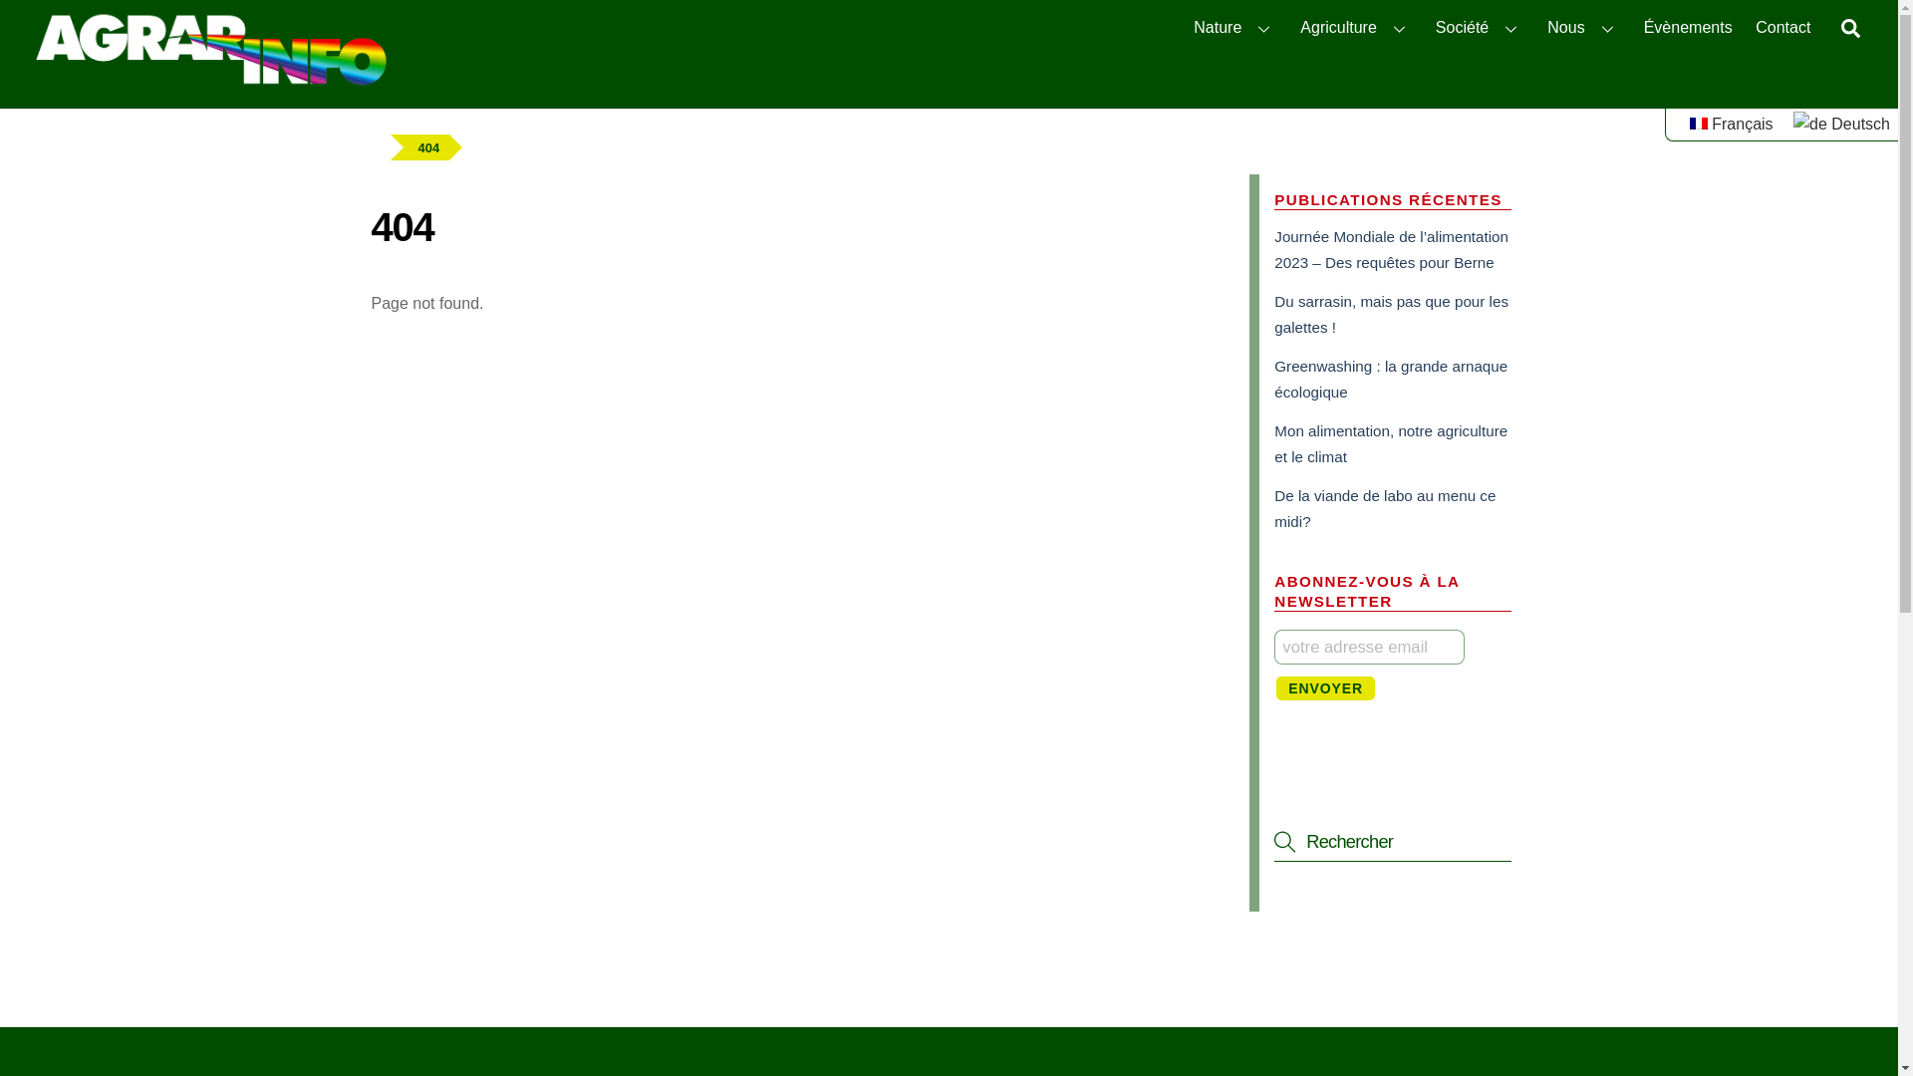 This screenshot has height=1076, width=1913. I want to click on 'De la viande de labo au menu ce midi?', so click(1384, 507).